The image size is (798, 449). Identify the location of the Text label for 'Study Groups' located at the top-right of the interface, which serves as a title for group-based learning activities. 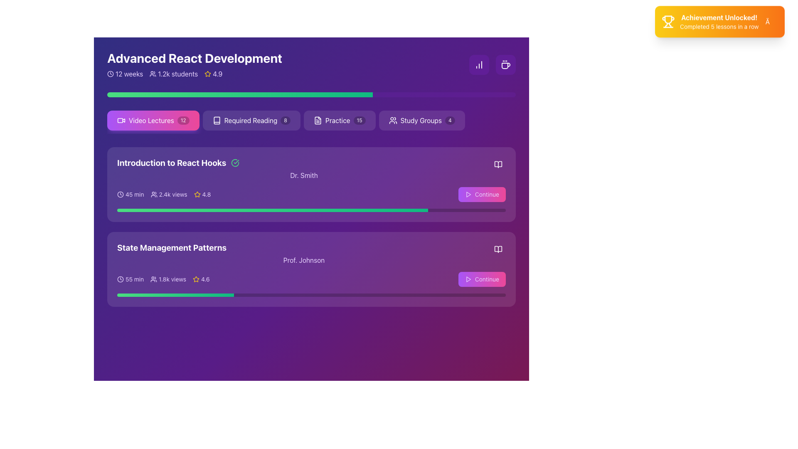
(421, 120).